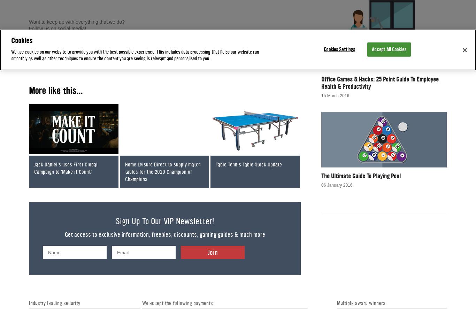  I want to click on 'Follow us on social media!', so click(58, 28).